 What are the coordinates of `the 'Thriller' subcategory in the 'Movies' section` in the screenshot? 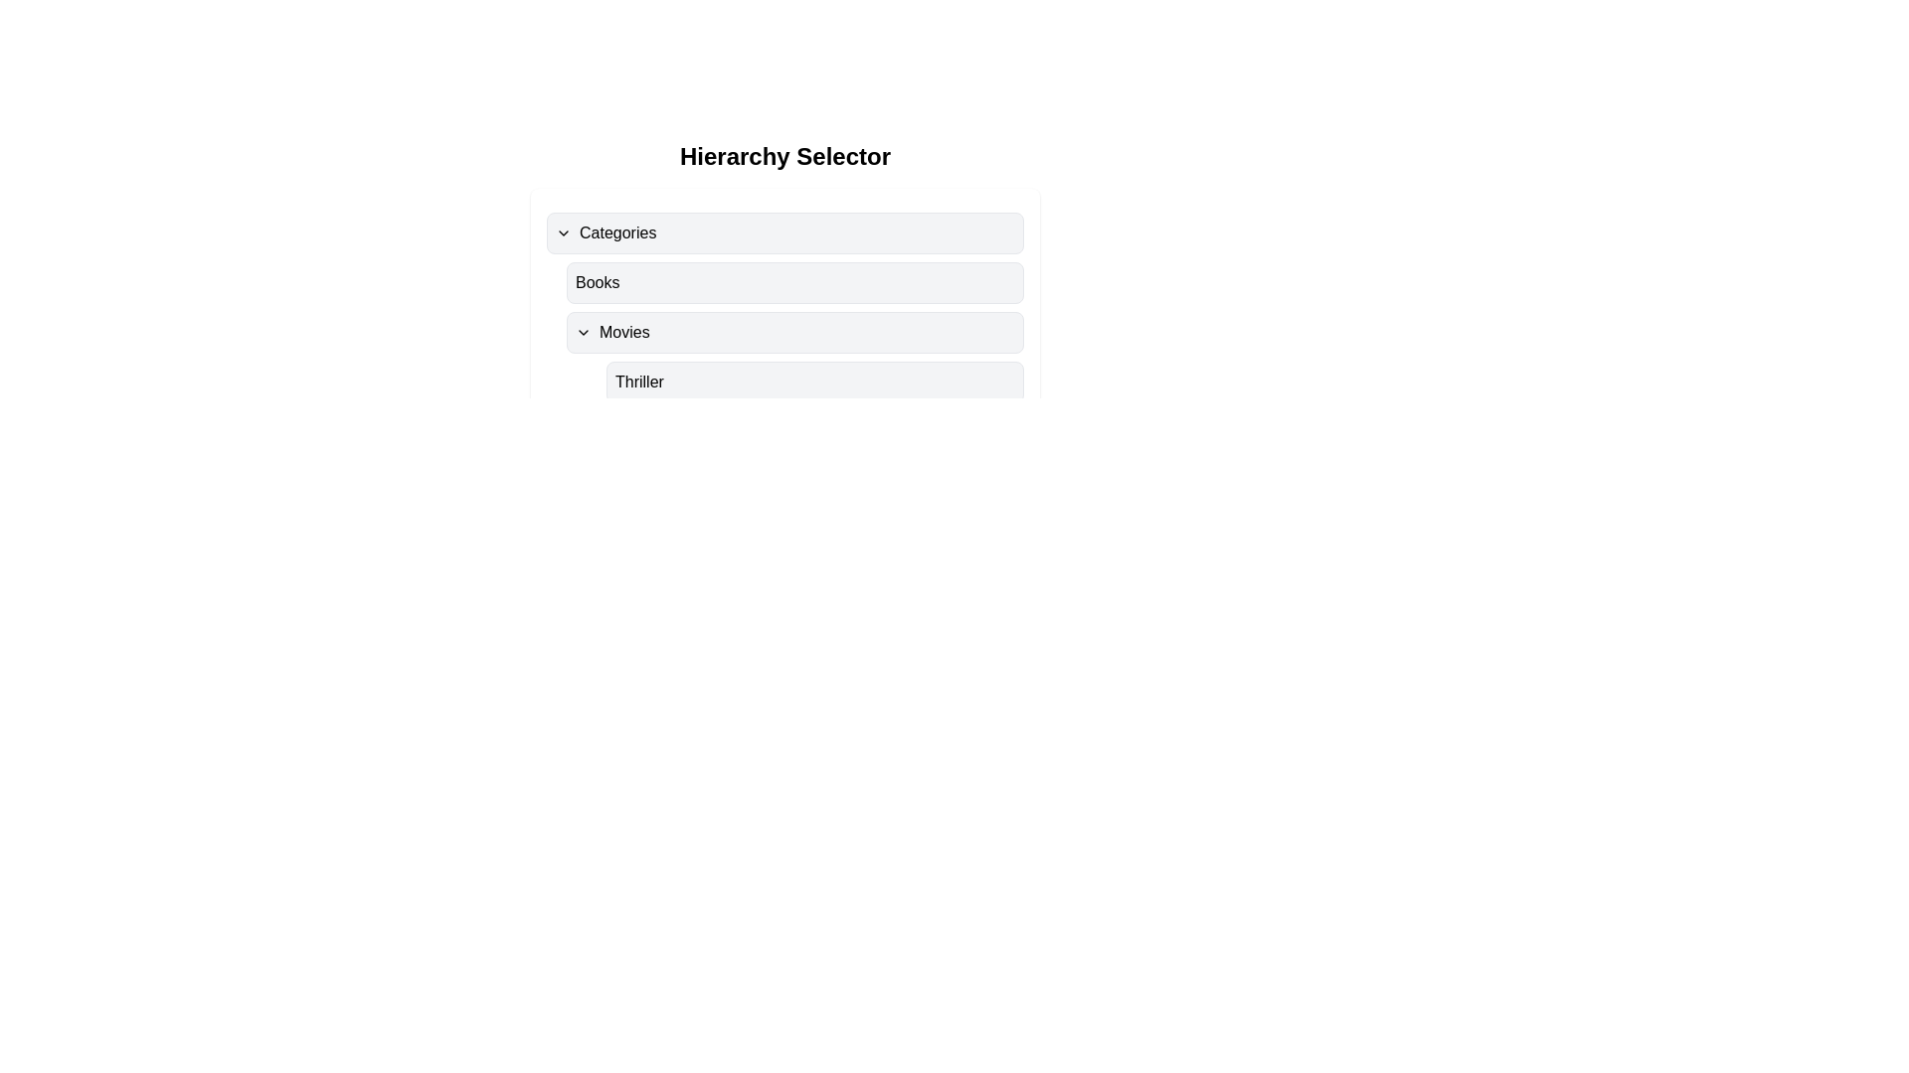 It's located at (795, 383).